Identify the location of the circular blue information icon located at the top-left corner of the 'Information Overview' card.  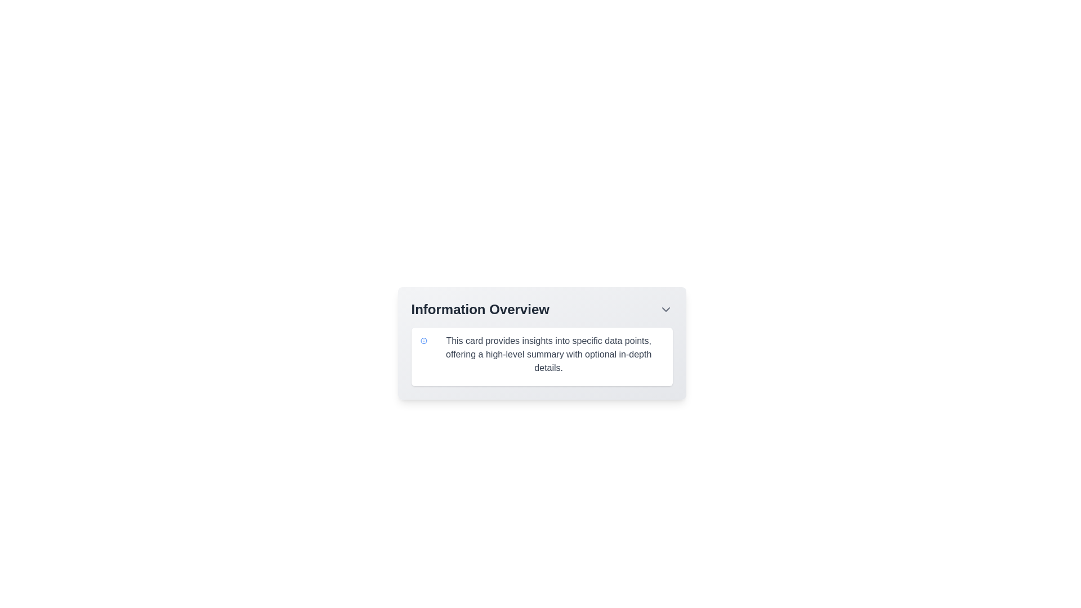
(423, 340).